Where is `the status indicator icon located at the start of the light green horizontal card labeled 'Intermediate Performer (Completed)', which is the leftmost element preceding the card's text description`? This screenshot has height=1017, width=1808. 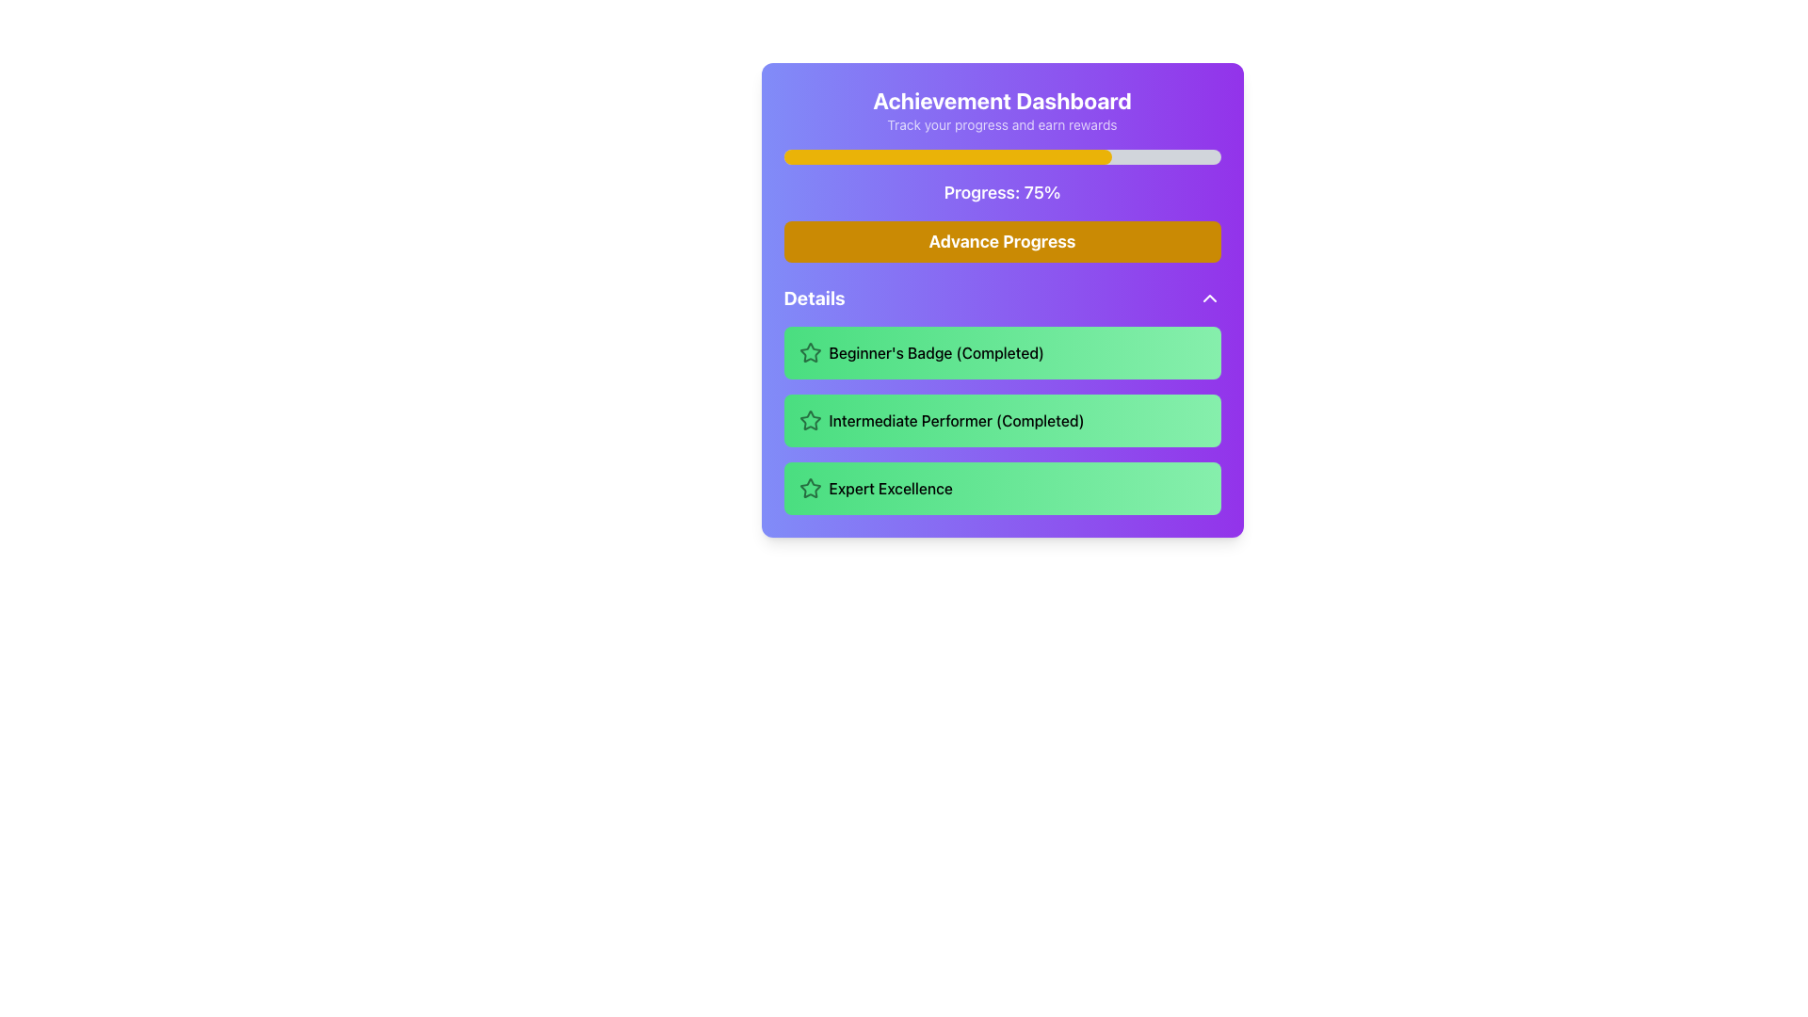
the status indicator icon located at the start of the light green horizontal card labeled 'Intermediate Performer (Completed)', which is the leftmost element preceding the card's text description is located at coordinates (810, 420).